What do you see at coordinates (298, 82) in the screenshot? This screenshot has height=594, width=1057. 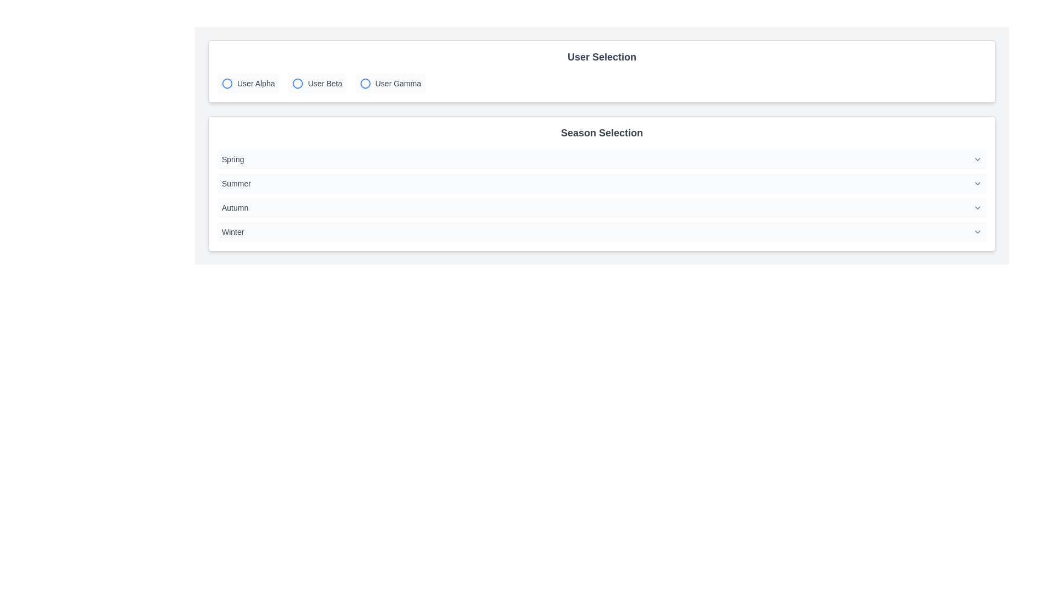 I see `the second radio button` at bounding box center [298, 82].